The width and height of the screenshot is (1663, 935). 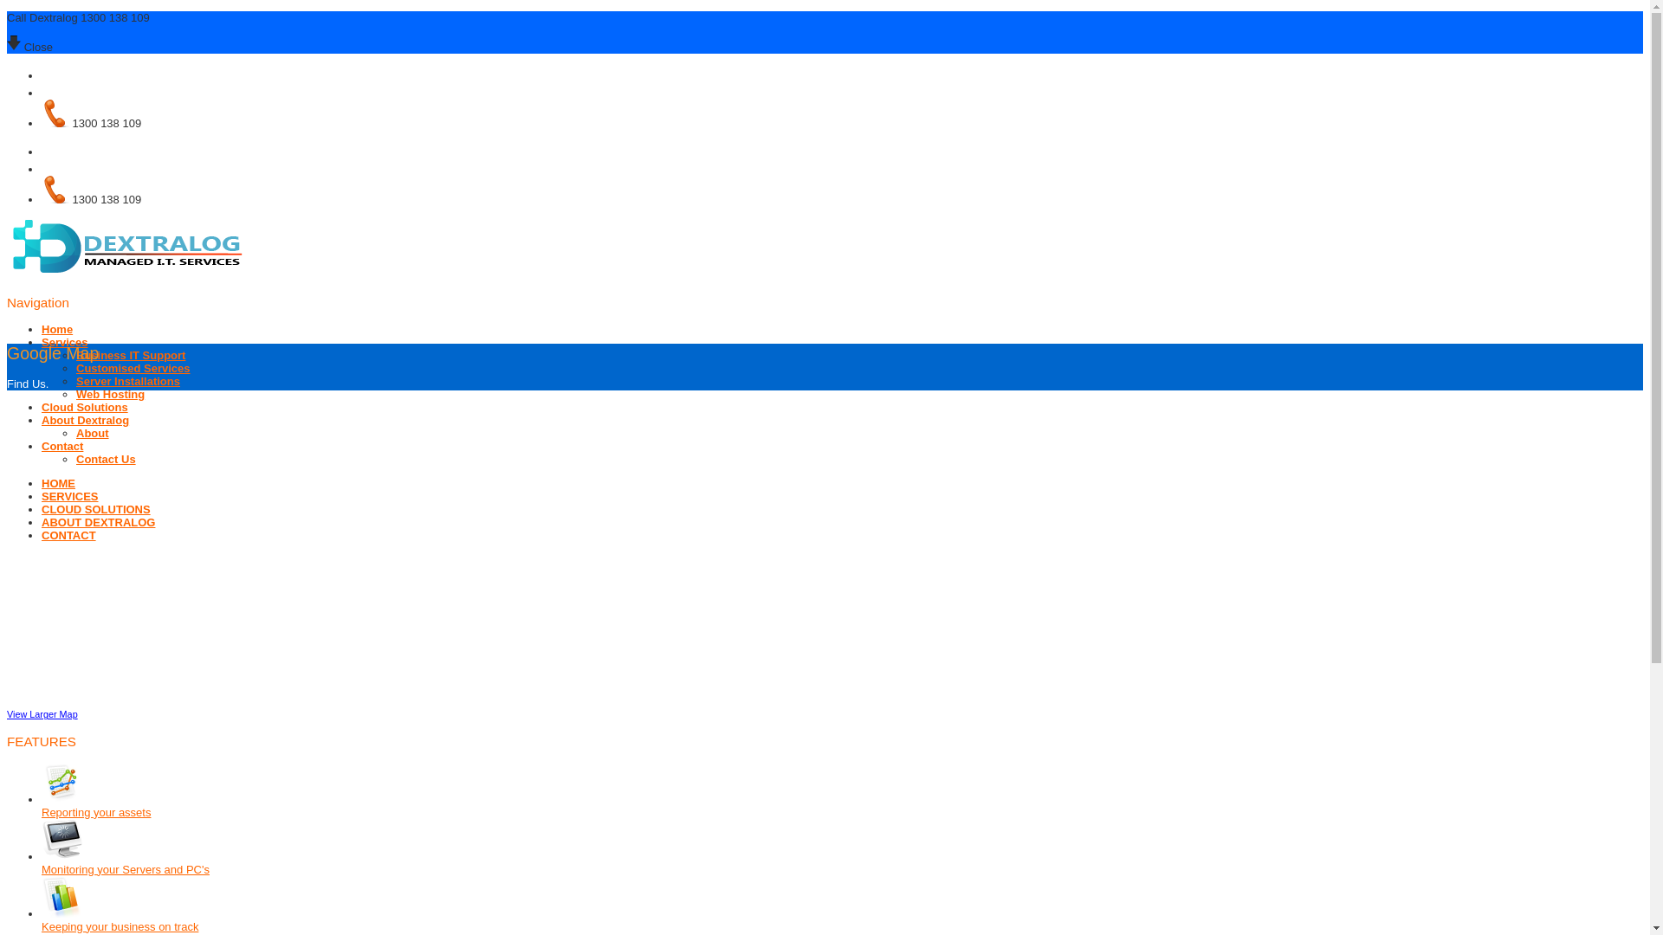 I want to click on 'Home', so click(x=57, y=329).